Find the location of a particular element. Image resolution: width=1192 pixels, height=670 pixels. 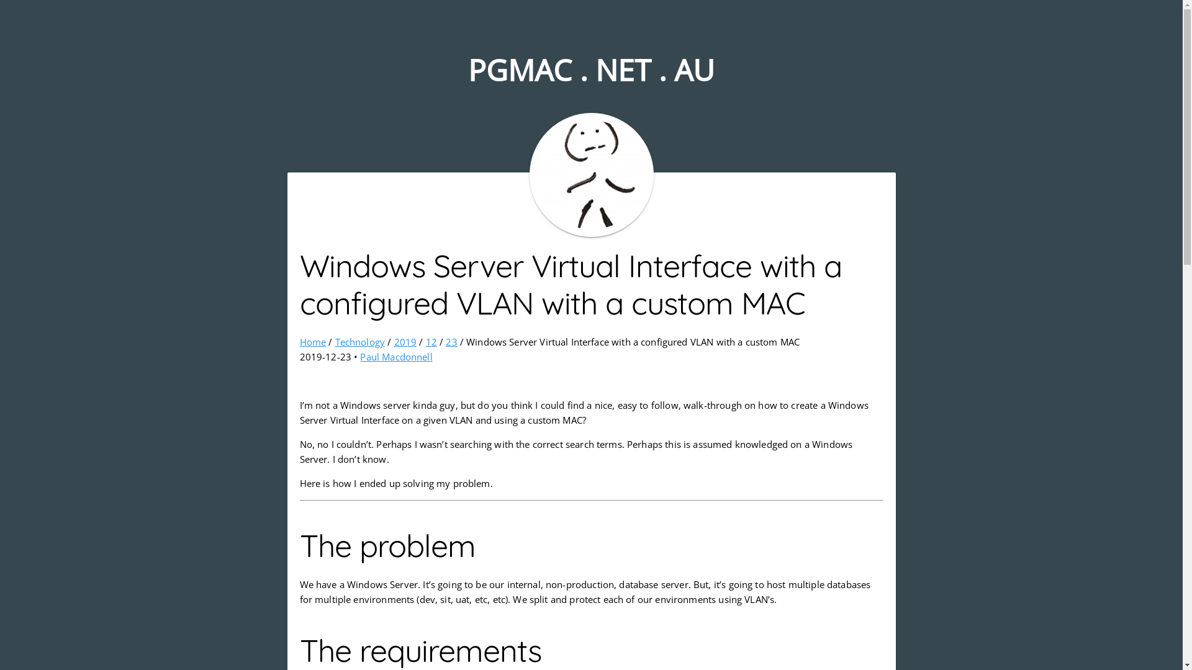

'Home' is located at coordinates (312, 342).